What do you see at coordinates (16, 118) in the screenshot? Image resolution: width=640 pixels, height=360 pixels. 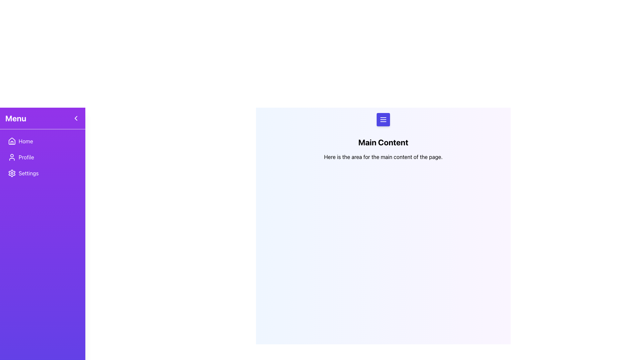 I see `text from the leftmost label in the purple sidebar header, which indicates the section's title before the clickable button` at bounding box center [16, 118].